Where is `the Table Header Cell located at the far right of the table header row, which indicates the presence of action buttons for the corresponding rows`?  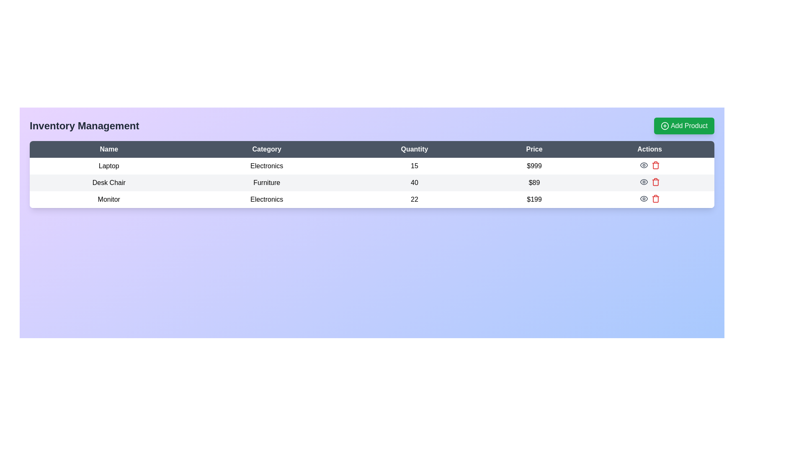 the Table Header Cell located at the far right of the table header row, which indicates the presence of action buttons for the corresponding rows is located at coordinates (649, 149).